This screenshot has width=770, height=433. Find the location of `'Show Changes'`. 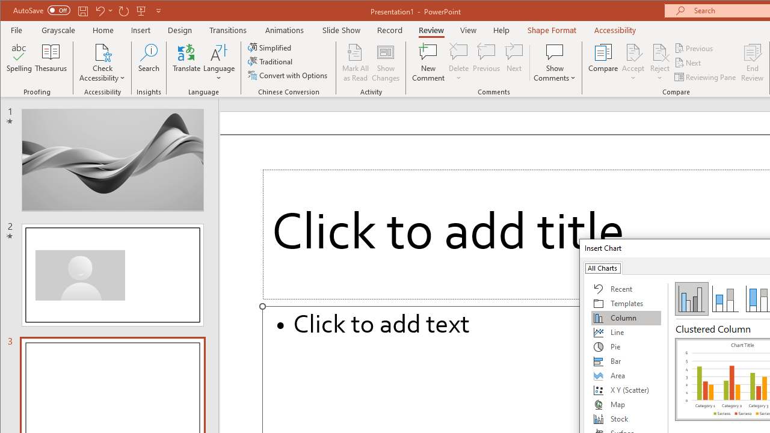

'Show Changes' is located at coordinates (386, 63).